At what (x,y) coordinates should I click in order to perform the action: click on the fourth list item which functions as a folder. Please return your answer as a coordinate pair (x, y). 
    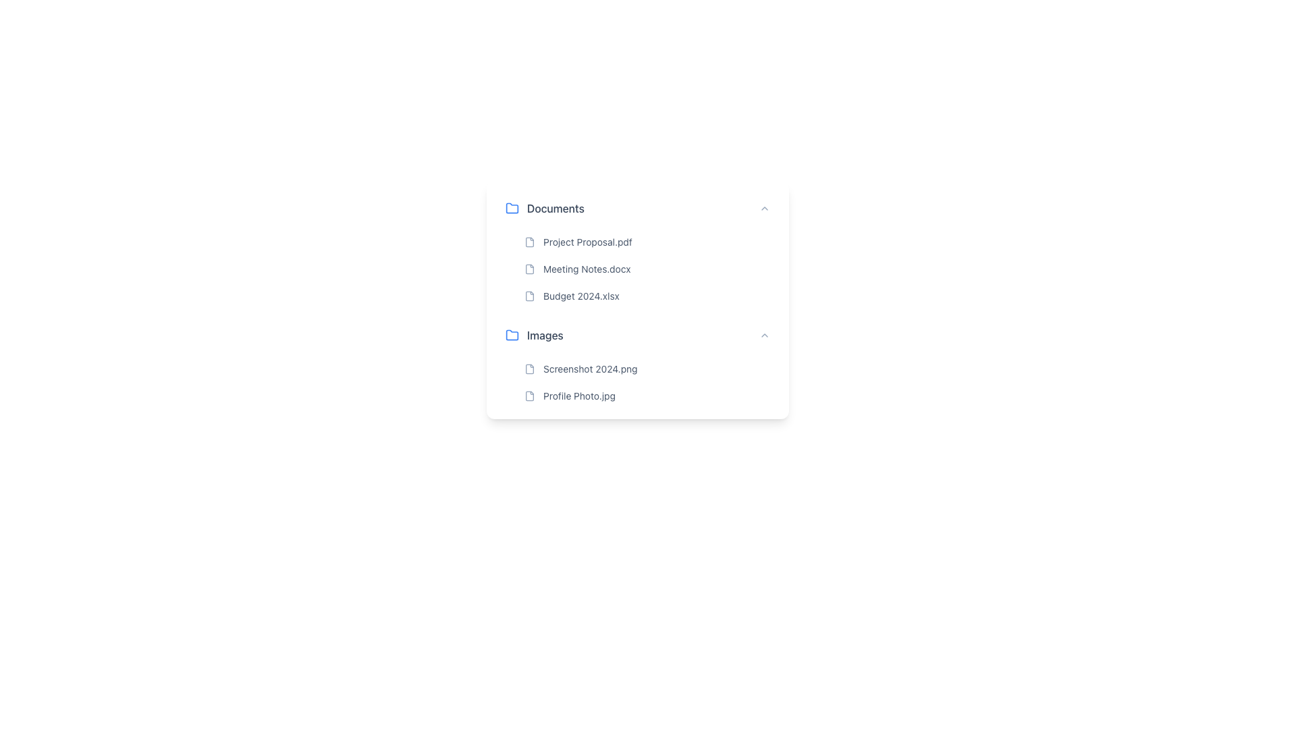
    Looking at the image, I should click on (637, 335).